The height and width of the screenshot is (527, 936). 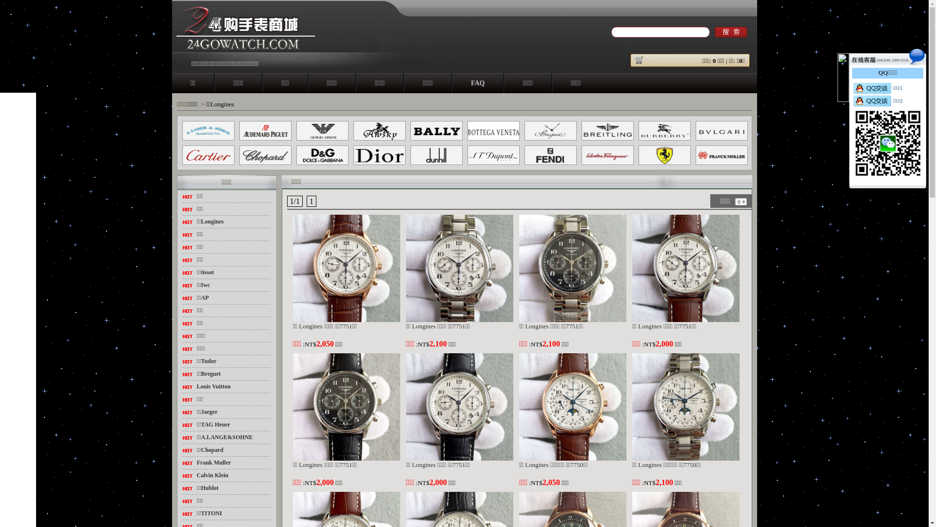 What do you see at coordinates (213, 462) in the screenshot?
I see `'Frank Muller'` at bounding box center [213, 462].